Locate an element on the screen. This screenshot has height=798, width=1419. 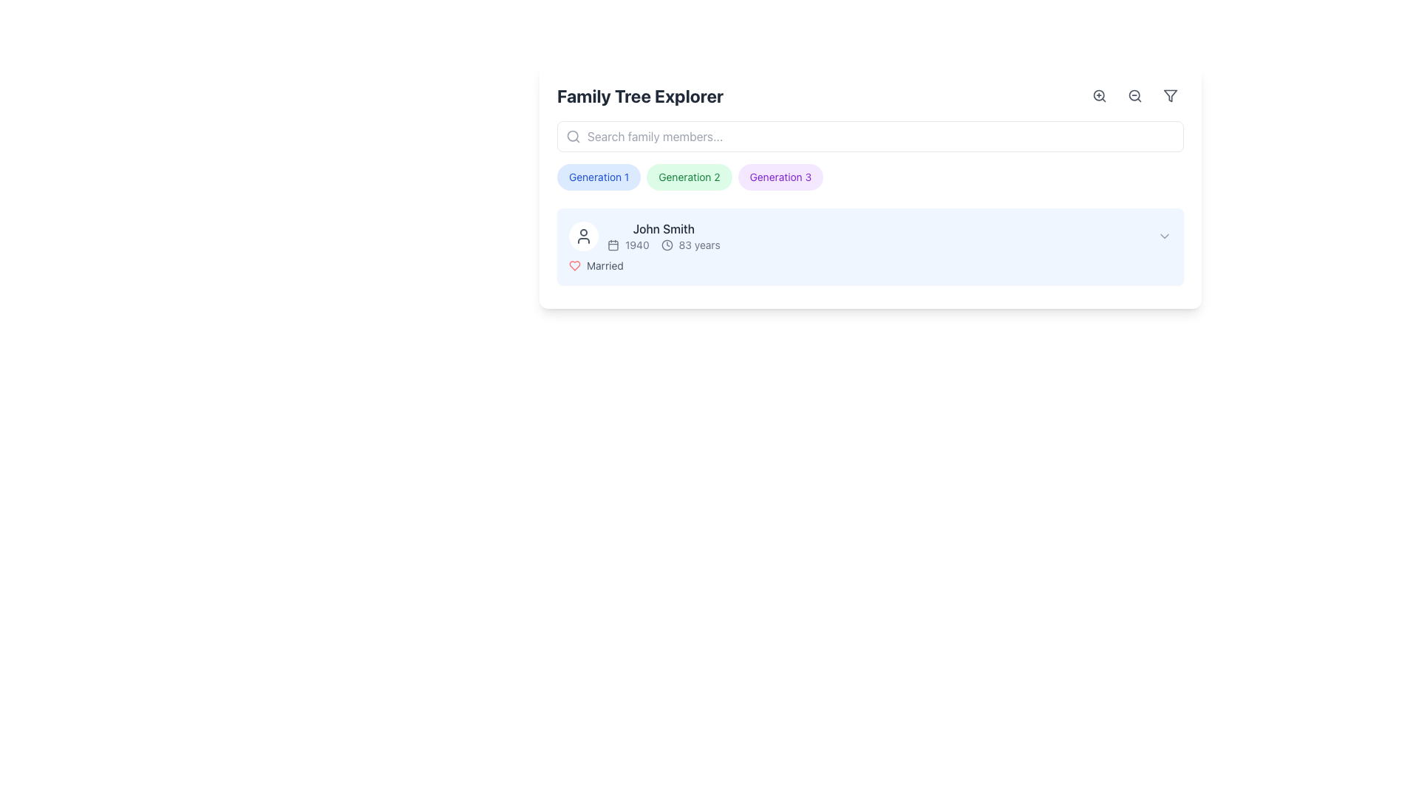
the middle circular Icon Button used for zooming out, located in the top-right corner of the interface, which is positioned between a magnifying glass button and a filter icon button is located at coordinates (1134, 96).